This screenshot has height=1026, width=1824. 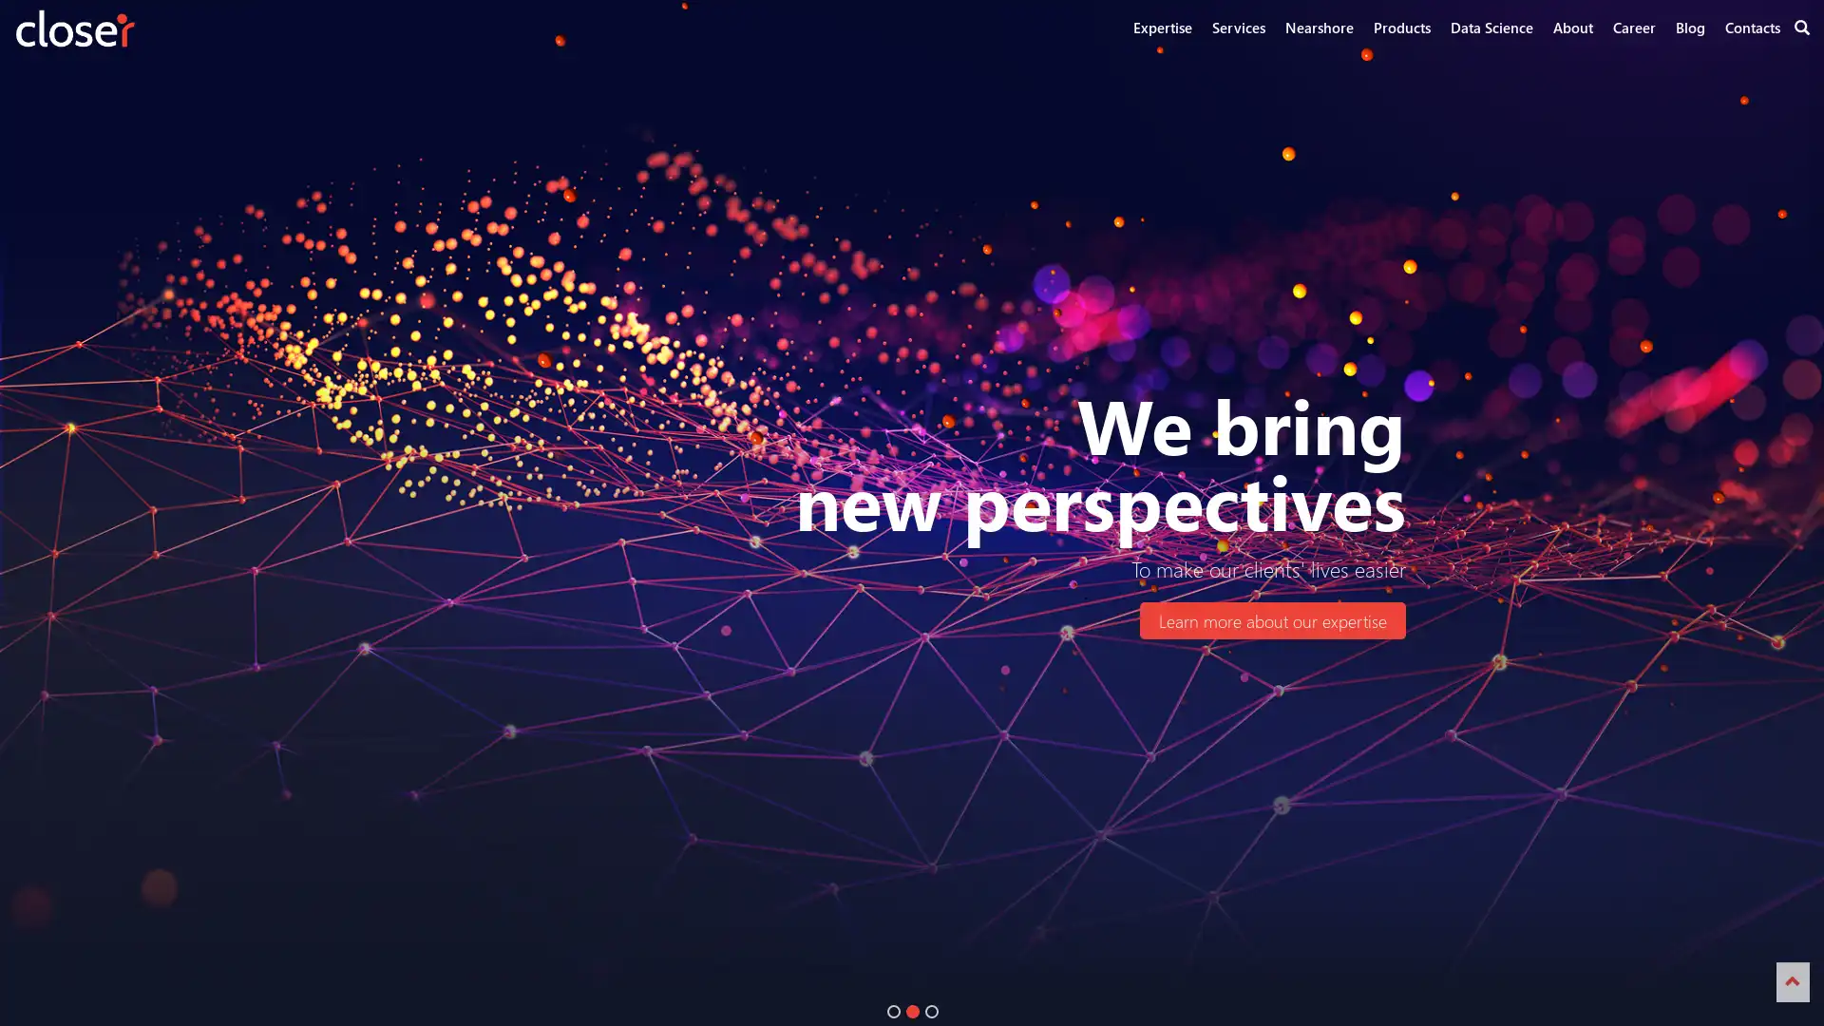 What do you see at coordinates (892, 1010) in the screenshot?
I see `1` at bounding box center [892, 1010].